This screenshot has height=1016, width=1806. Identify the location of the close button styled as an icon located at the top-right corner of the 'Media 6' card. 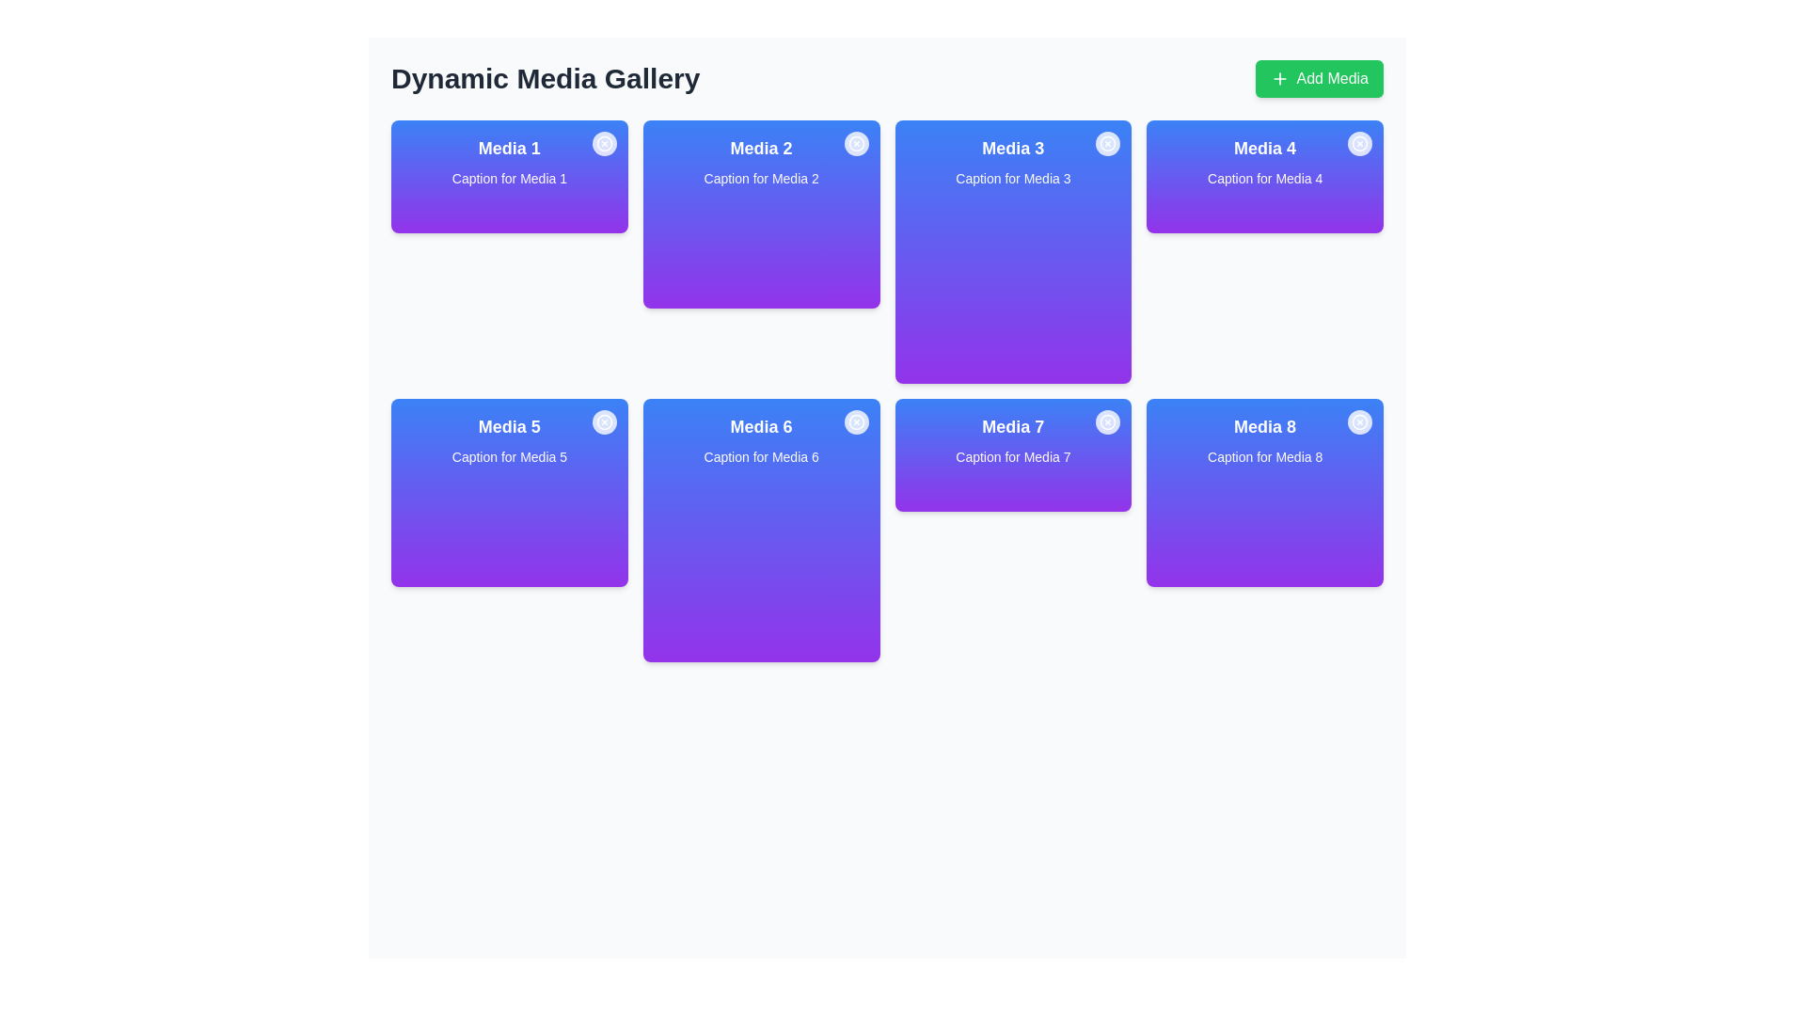
(855, 423).